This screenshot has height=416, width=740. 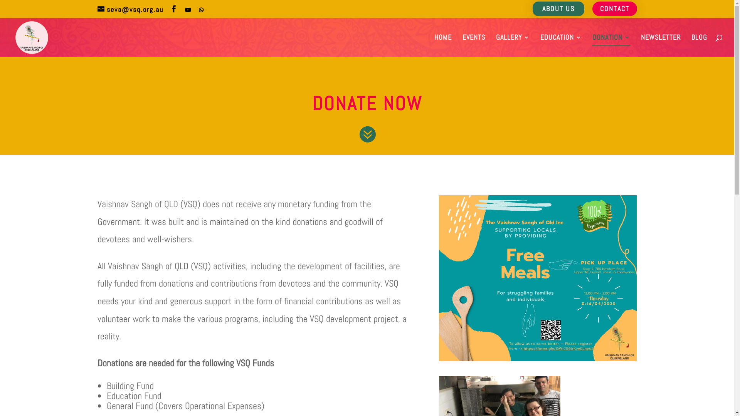 I want to click on 'VSQ Event Covid', so click(x=538, y=278).